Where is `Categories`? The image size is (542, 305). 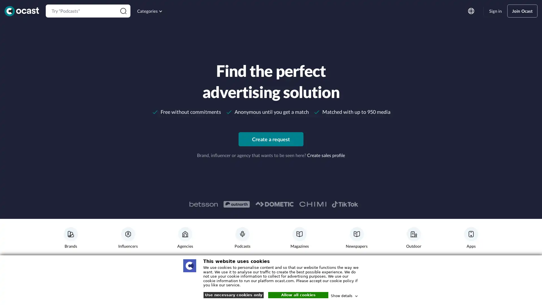
Categories is located at coordinates (150, 11).